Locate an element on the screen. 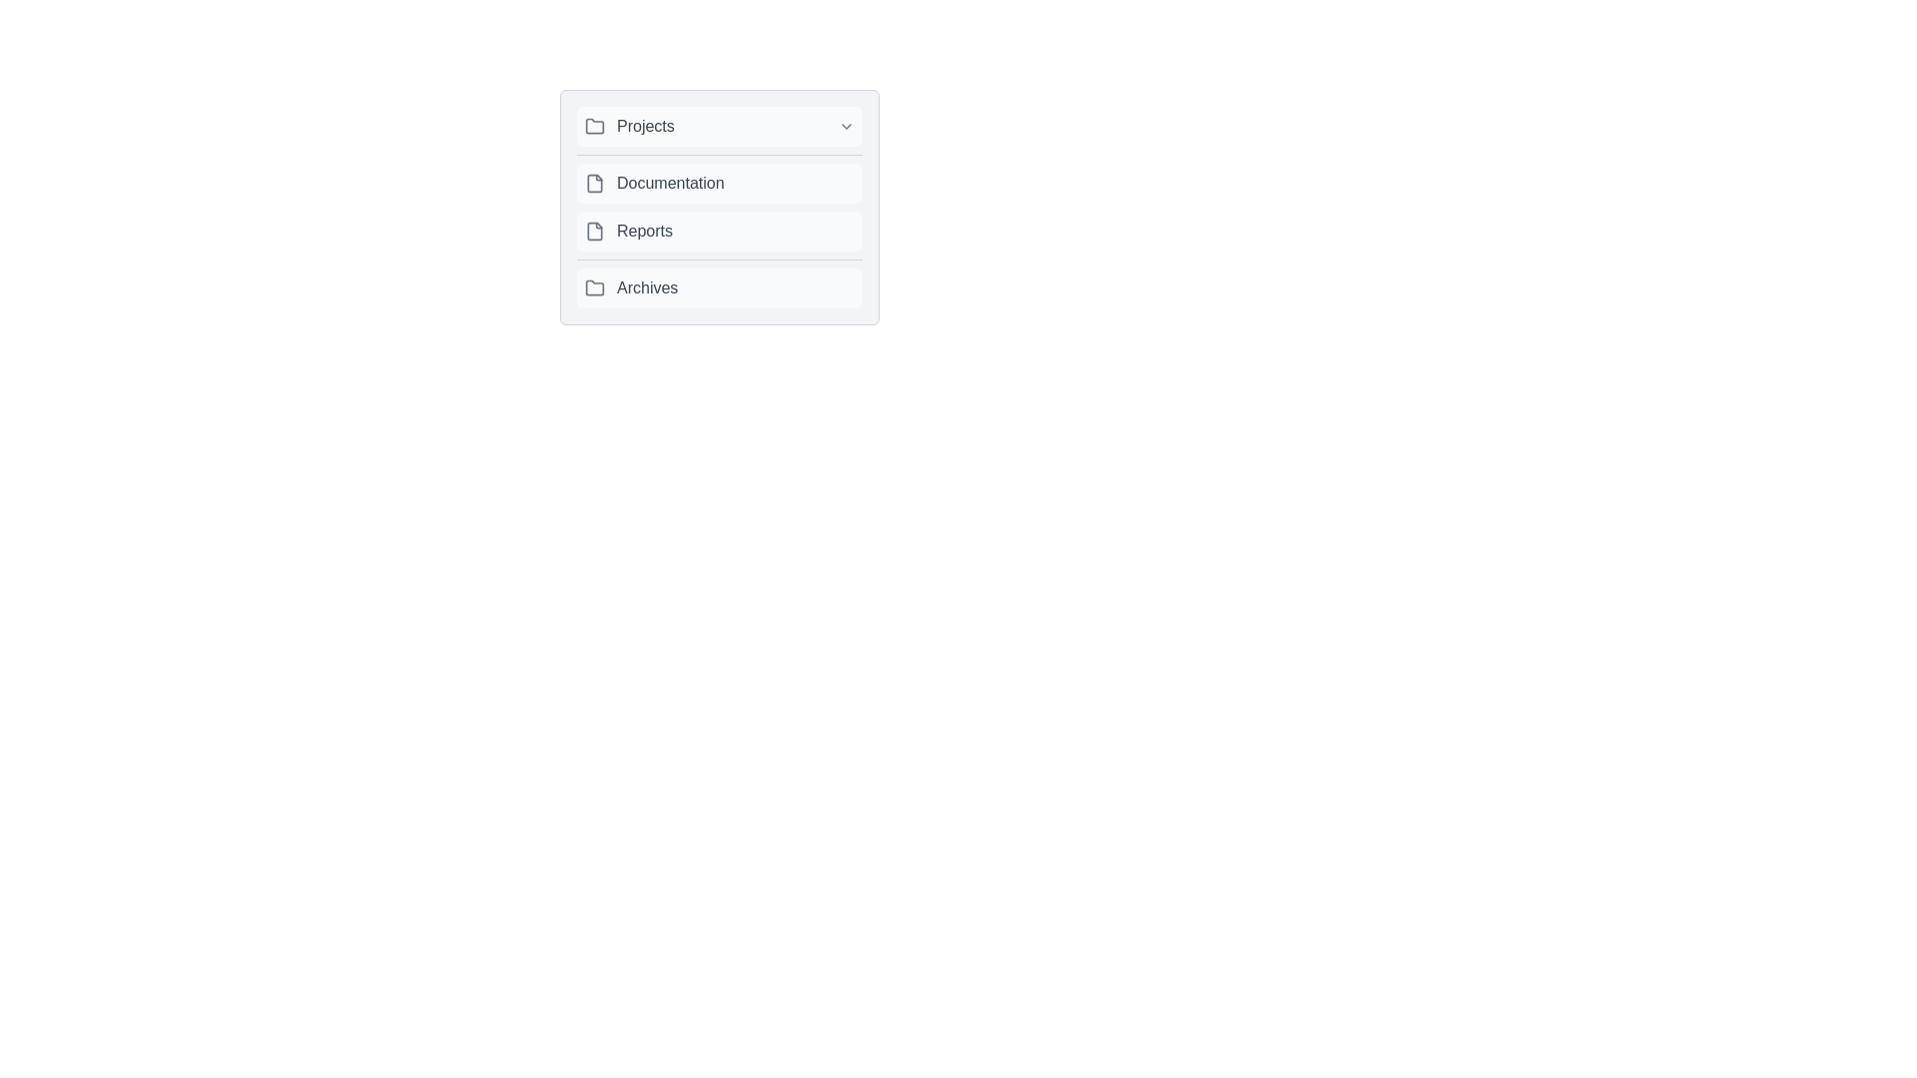 This screenshot has height=1078, width=1917. the SVG icon representing a document located to the left of the 'Documentation' label in the vertical navigation list is located at coordinates (593, 184).